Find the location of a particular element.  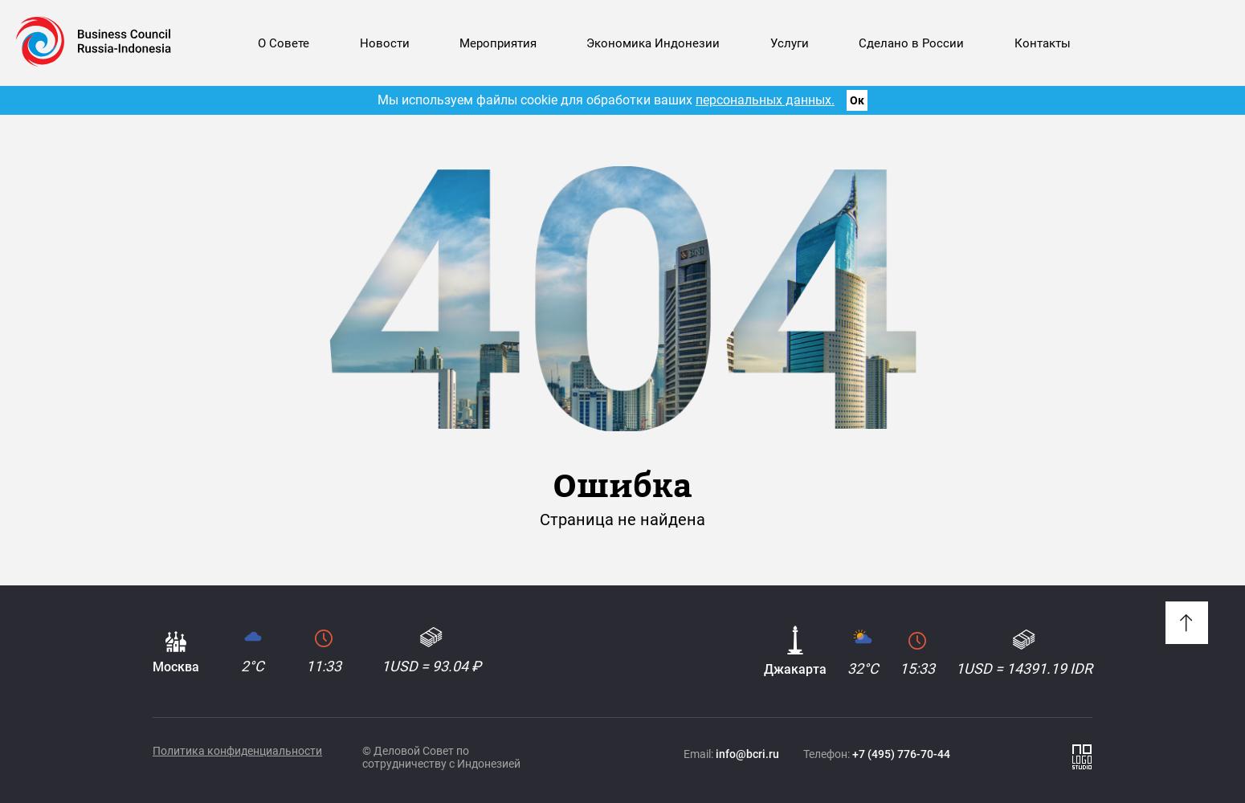

'1USD = 93.04 ₽' is located at coordinates (431, 665).